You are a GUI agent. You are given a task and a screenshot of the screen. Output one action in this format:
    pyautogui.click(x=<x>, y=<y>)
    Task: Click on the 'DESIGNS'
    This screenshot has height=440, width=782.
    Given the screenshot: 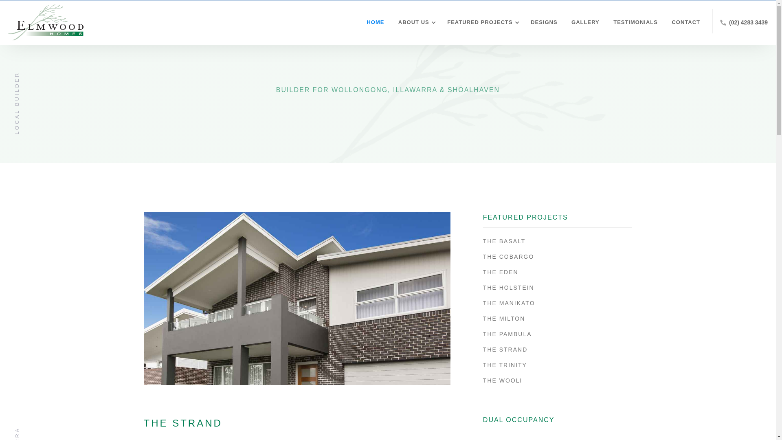 What is the action you would take?
    pyautogui.click(x=542, y=22)
    